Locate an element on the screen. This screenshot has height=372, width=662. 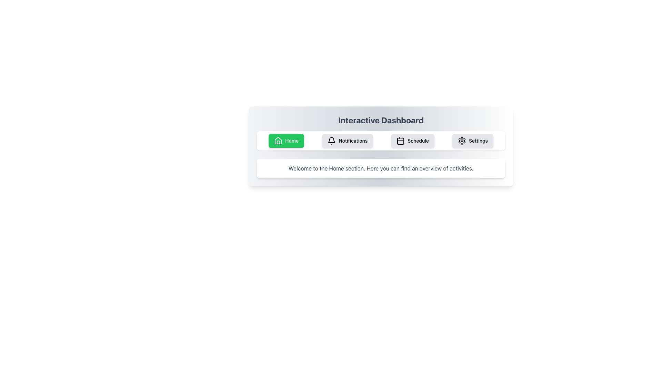
the 'Schedule' button in the horizontal navigation bar to change its appearance is located at coordinates (413, 140).